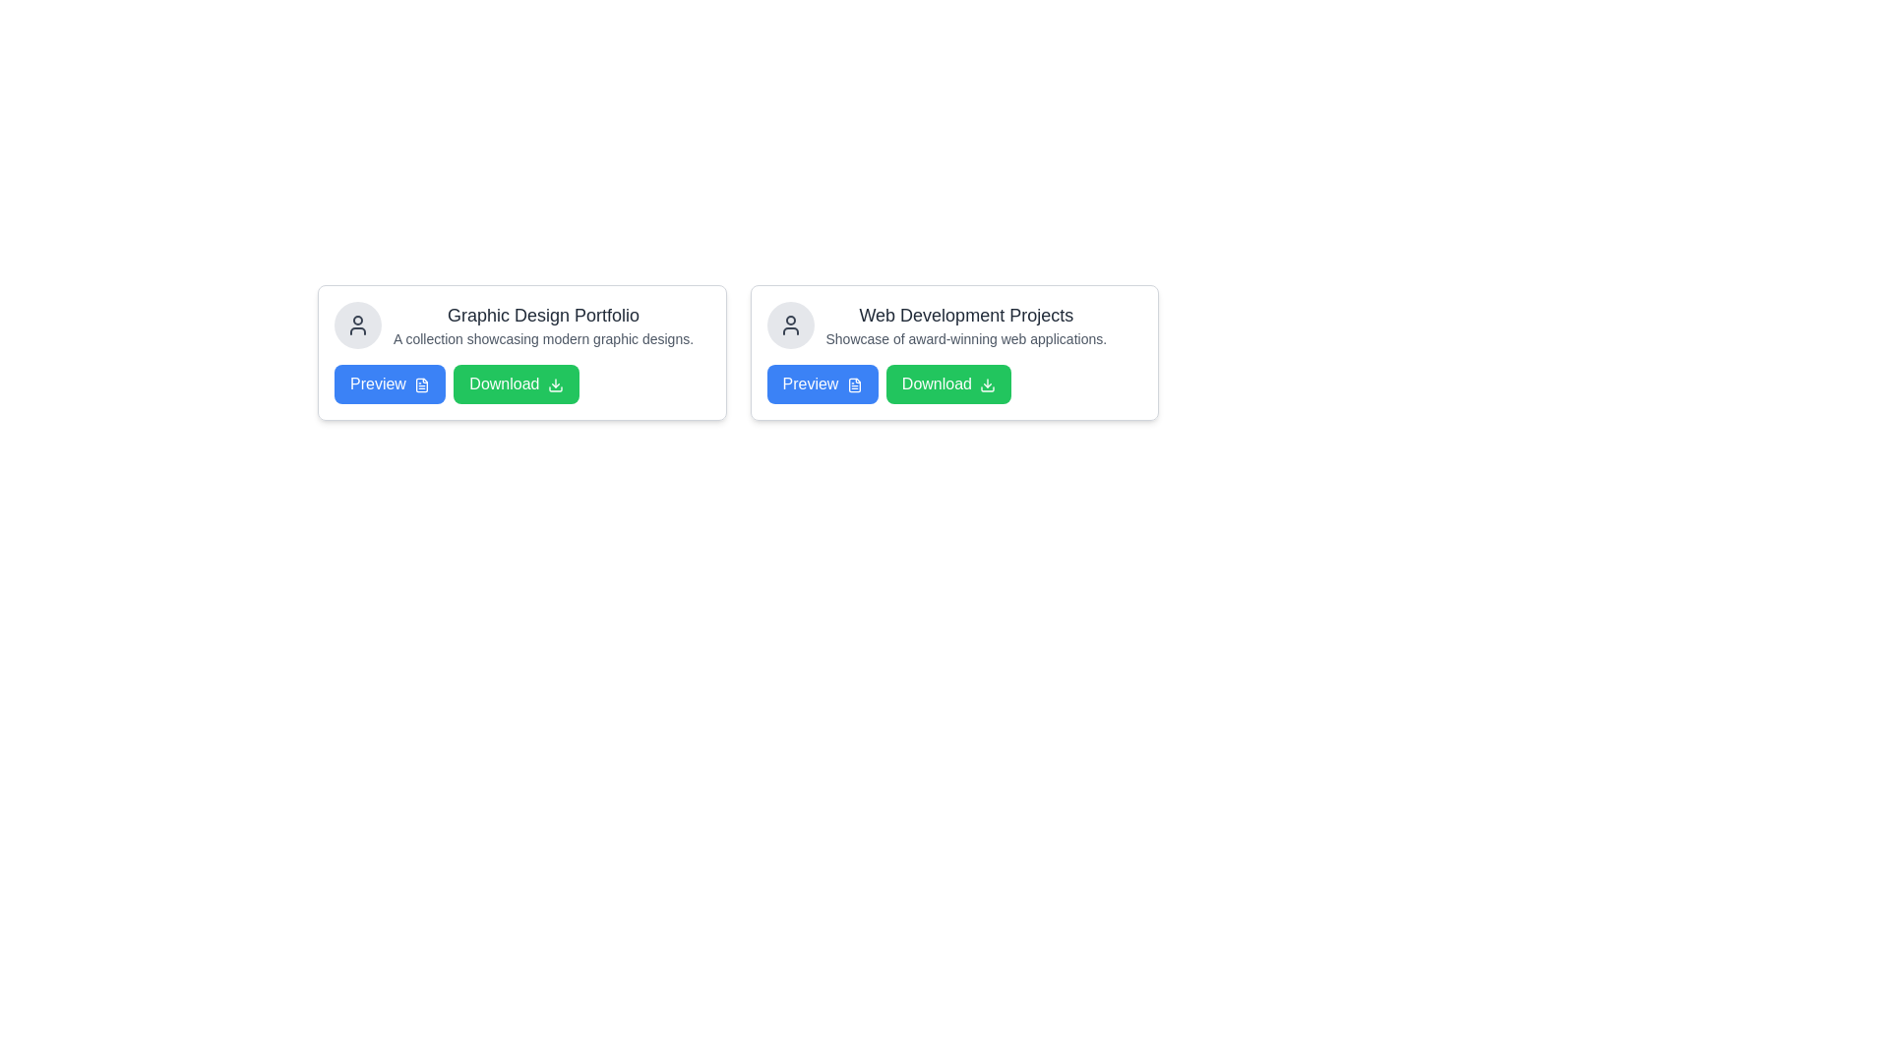  Describe the element at coordinates (555, 384) in the screenshot. I see `the download icon, which is a small square graphical icon with a downward arrow, located to the right of the green 'Download' button in the 'Graphic Design Portfolio' card` at that location.